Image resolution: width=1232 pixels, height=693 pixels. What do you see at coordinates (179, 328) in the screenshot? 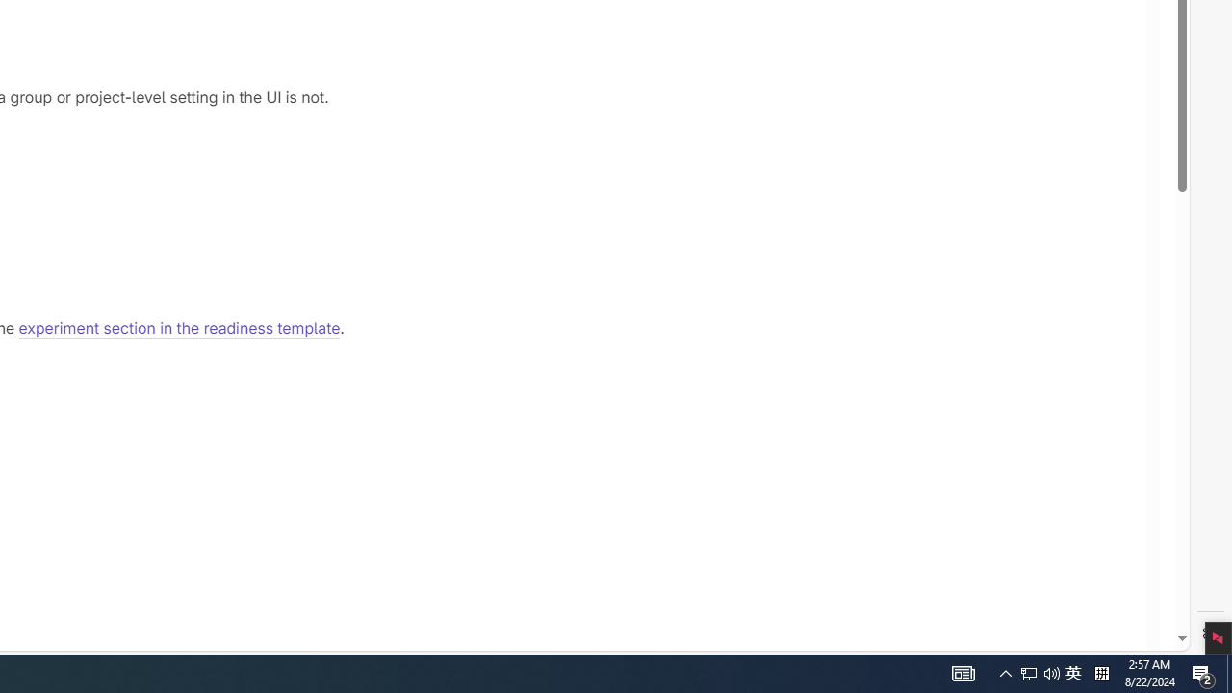
I see `'experiment section in the readiness template'` at bounding box center [179, 328].